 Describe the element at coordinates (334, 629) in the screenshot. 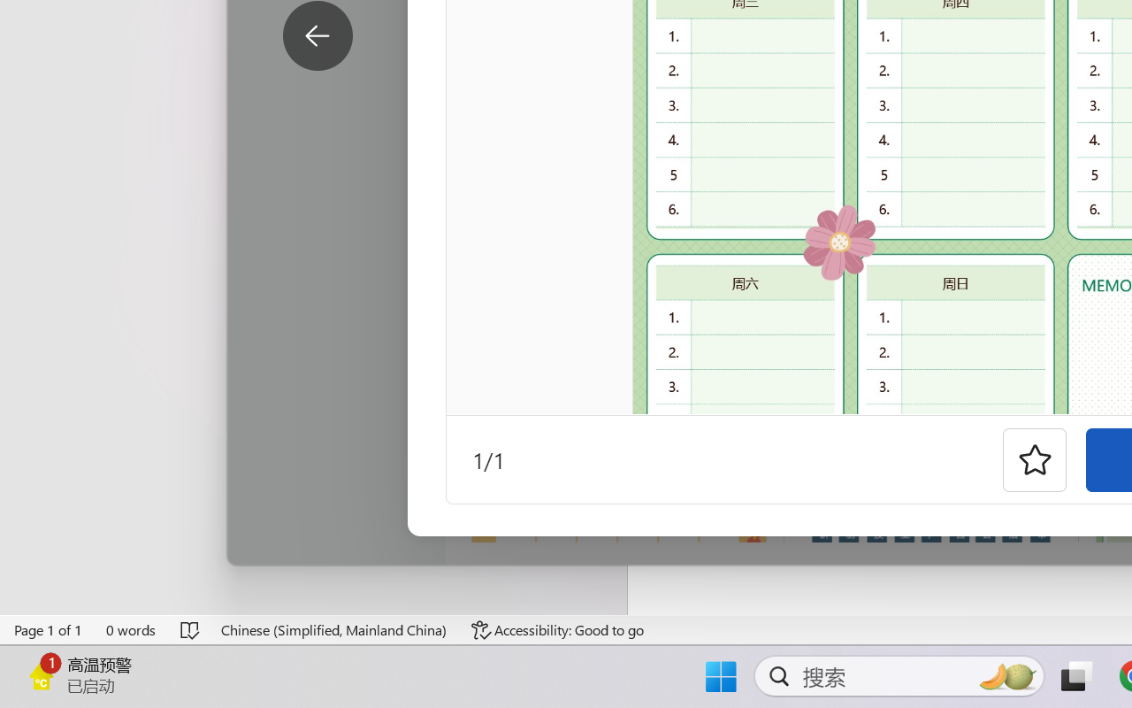

I see `'Language Chinese (Simplified, Mainland China)'` at that location.